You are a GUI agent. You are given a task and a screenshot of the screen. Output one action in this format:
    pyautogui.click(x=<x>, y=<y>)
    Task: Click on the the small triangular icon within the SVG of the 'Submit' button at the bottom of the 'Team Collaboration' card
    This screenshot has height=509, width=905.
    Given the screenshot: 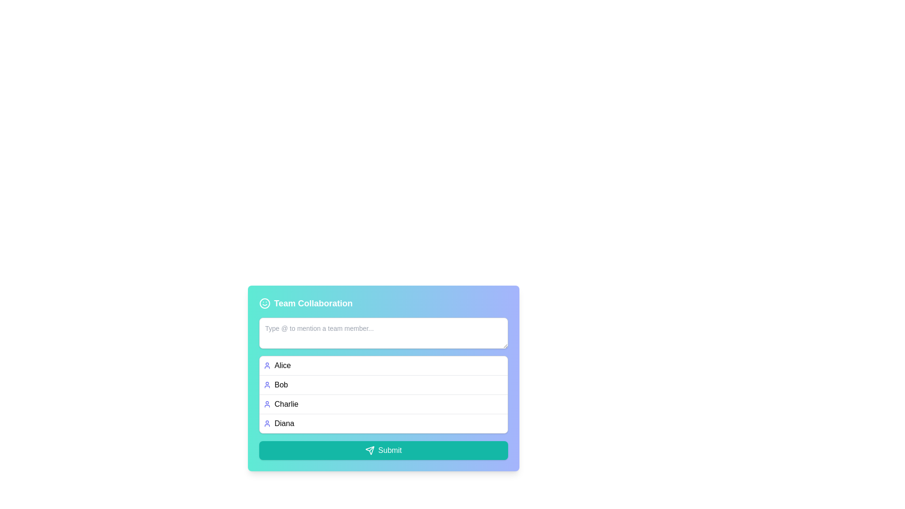 What is the action you would take?
    pyautogui.click(x=369, y=450)
    